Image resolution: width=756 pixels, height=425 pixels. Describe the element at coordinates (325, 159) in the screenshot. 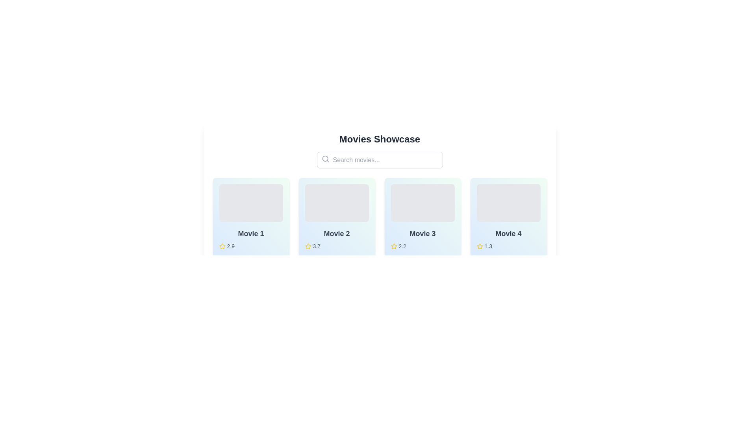

I see `the circular shape styled as part of the SVG graphic resembling a magnifying lens handle, located within the search bar area on the left side of the search input field` at that location.